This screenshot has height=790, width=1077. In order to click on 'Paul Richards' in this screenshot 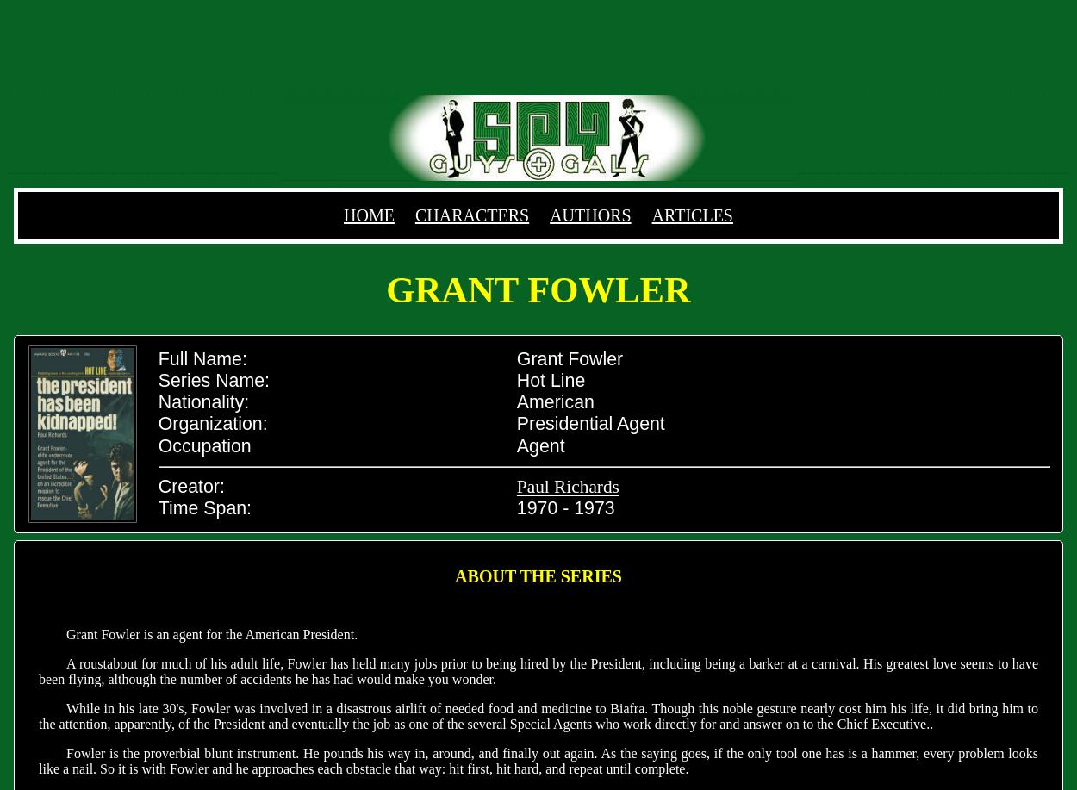, I will do `click(515, 486)`.